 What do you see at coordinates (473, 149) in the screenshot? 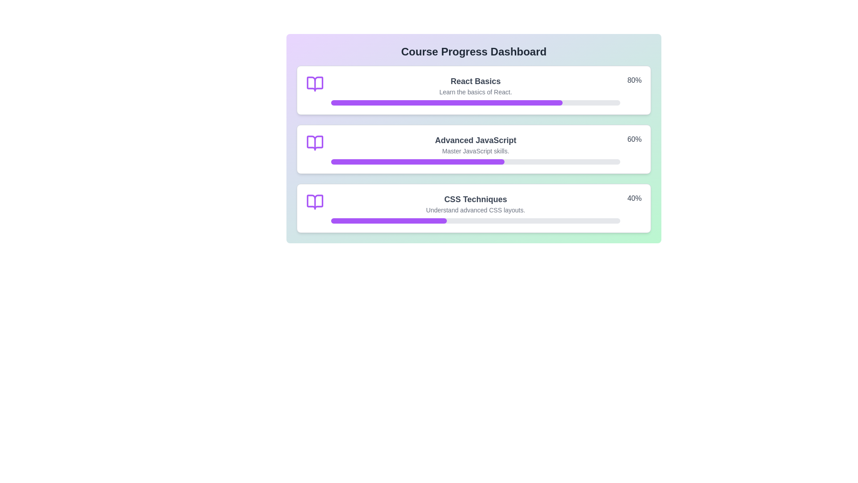
I see `the progress bar of the Vertical hierarchical list in the Course Progress Dashboard to view detailed information` at bounding box center [473, 149].